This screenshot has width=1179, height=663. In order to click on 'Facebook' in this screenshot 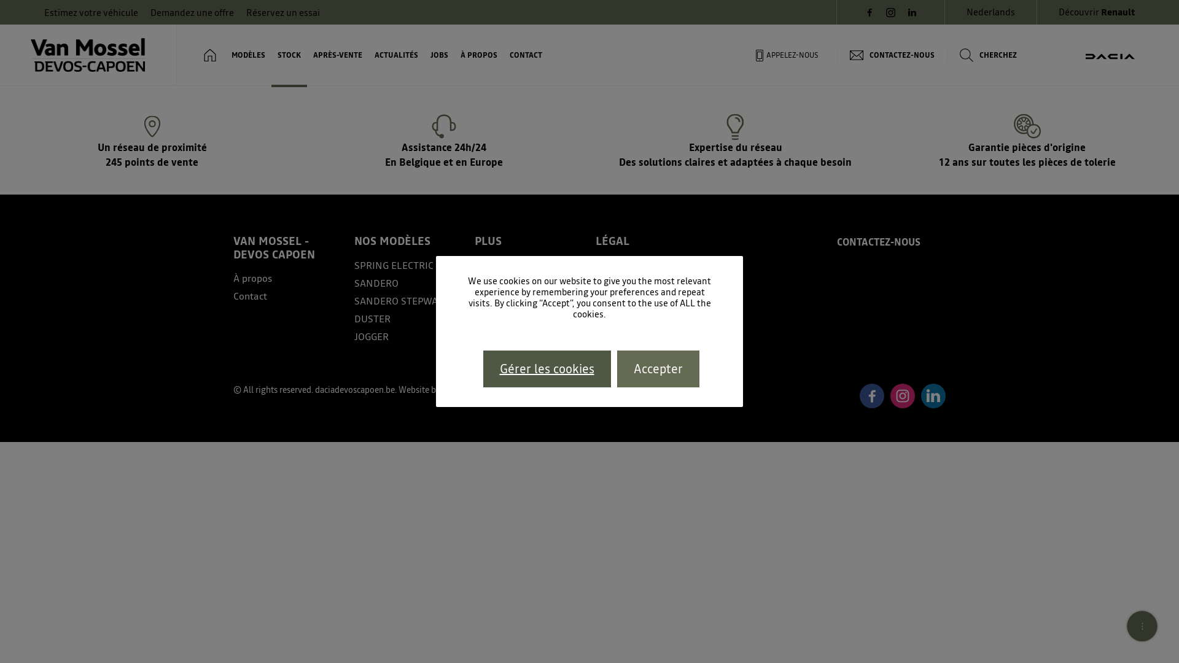, I will do `click(859, 395)`.